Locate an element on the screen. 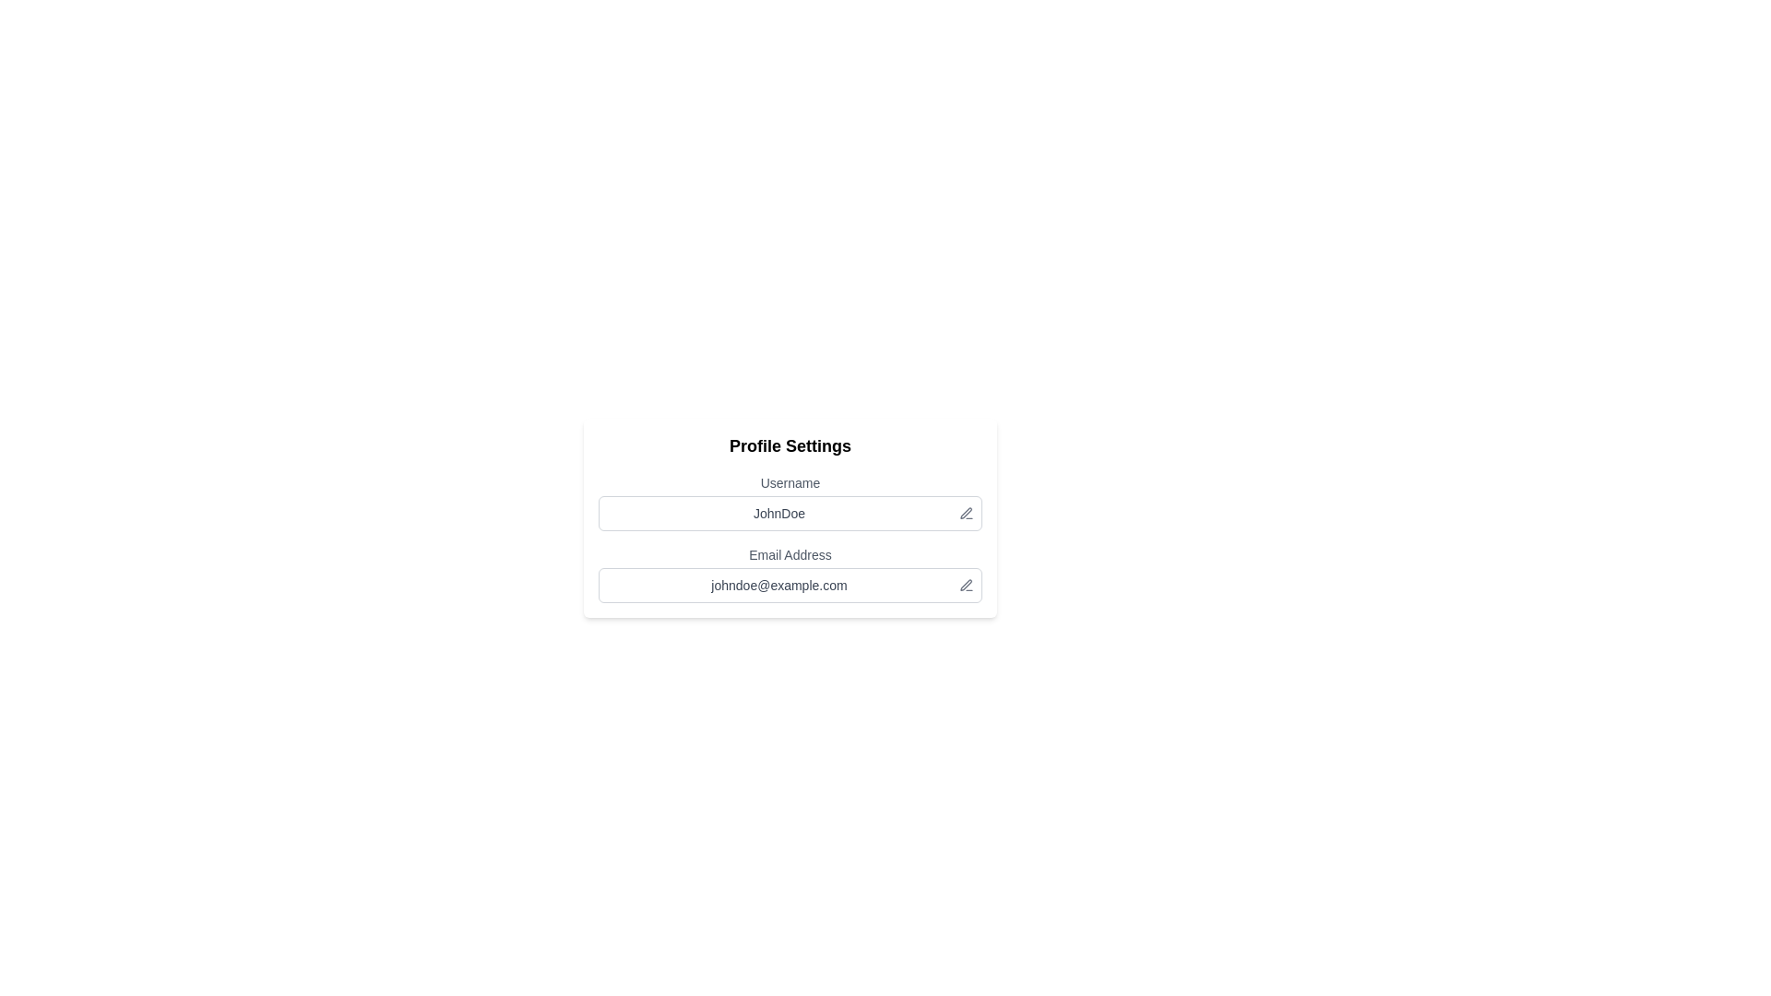 The image size is (1771, 996). the Text Label serving as a descriptive header for the section, located at the top of the card component is located at coordinates (790, 445).